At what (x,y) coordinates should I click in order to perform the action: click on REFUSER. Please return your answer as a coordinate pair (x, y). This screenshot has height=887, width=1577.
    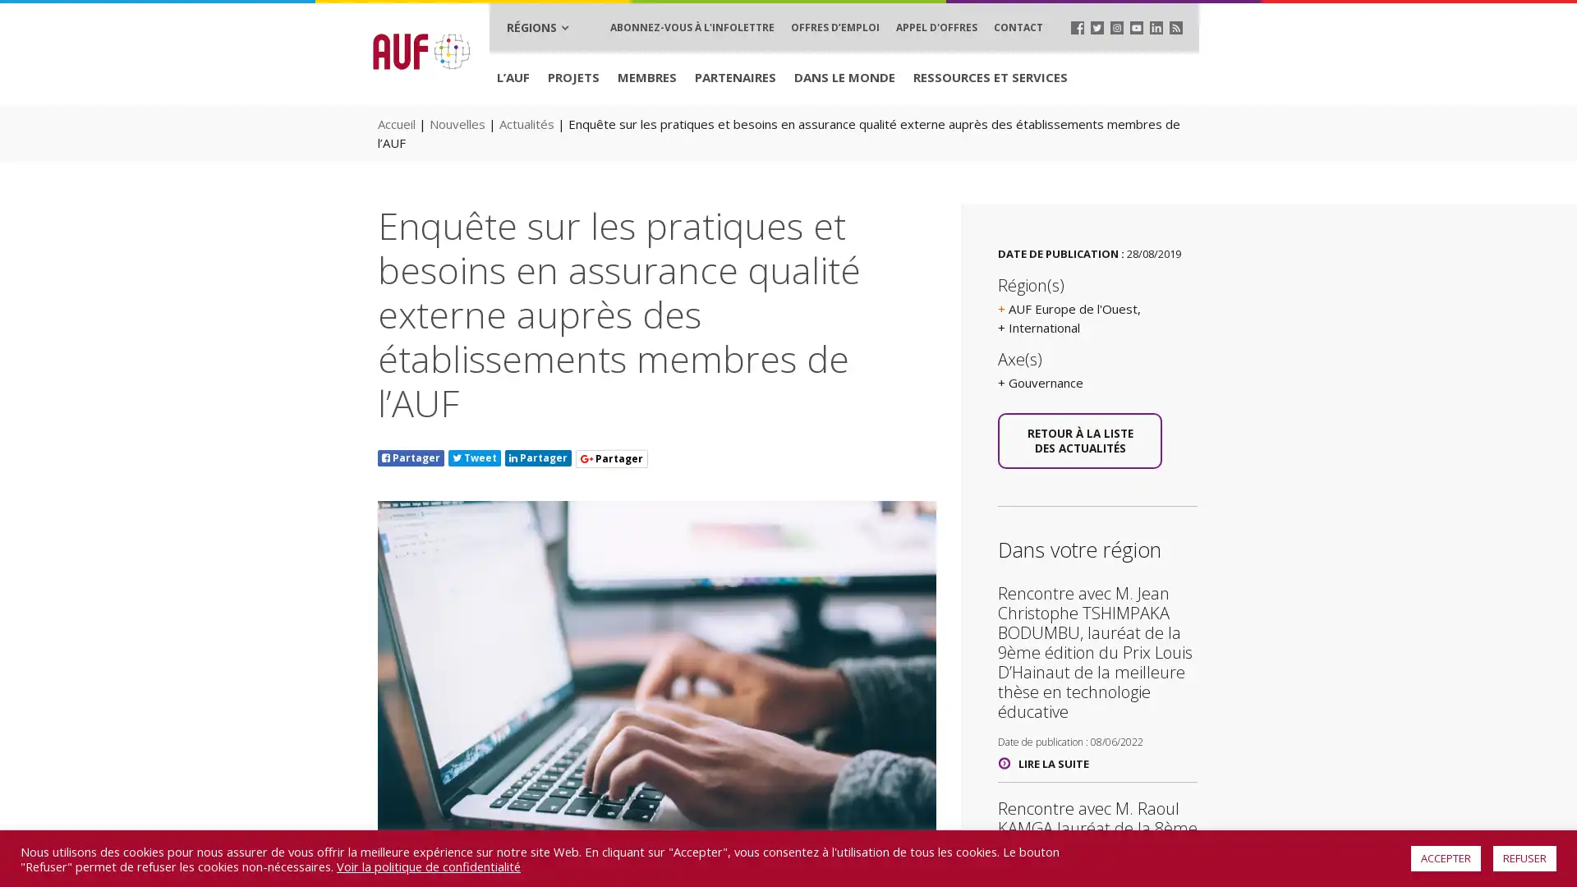
    Looking at the image, I should click on (1524, 857).